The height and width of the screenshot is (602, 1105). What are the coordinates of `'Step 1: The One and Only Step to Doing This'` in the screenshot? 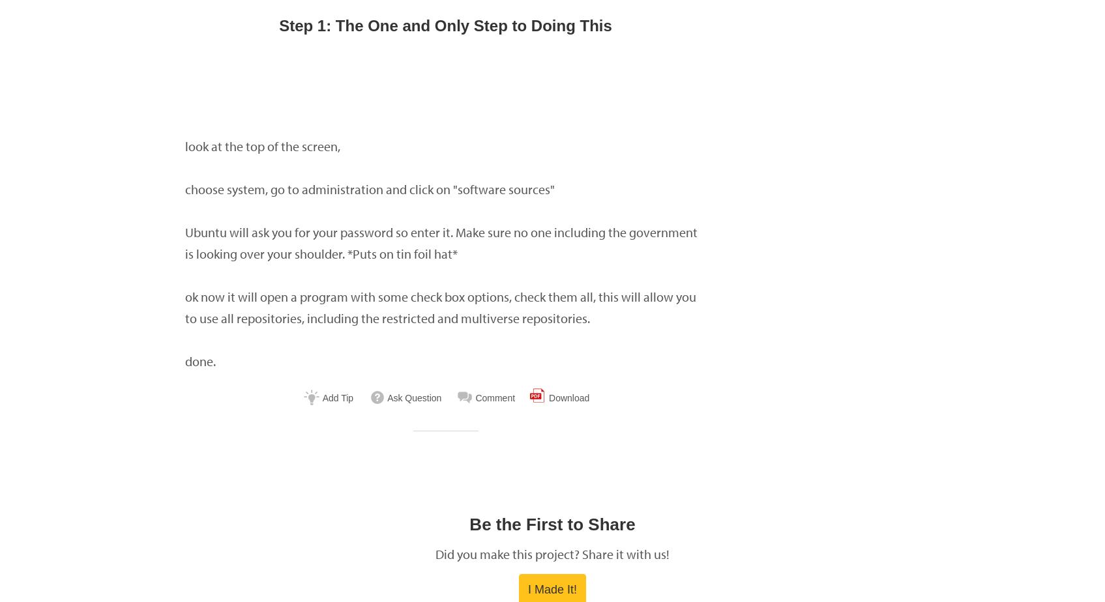 It's located at (445, 25).